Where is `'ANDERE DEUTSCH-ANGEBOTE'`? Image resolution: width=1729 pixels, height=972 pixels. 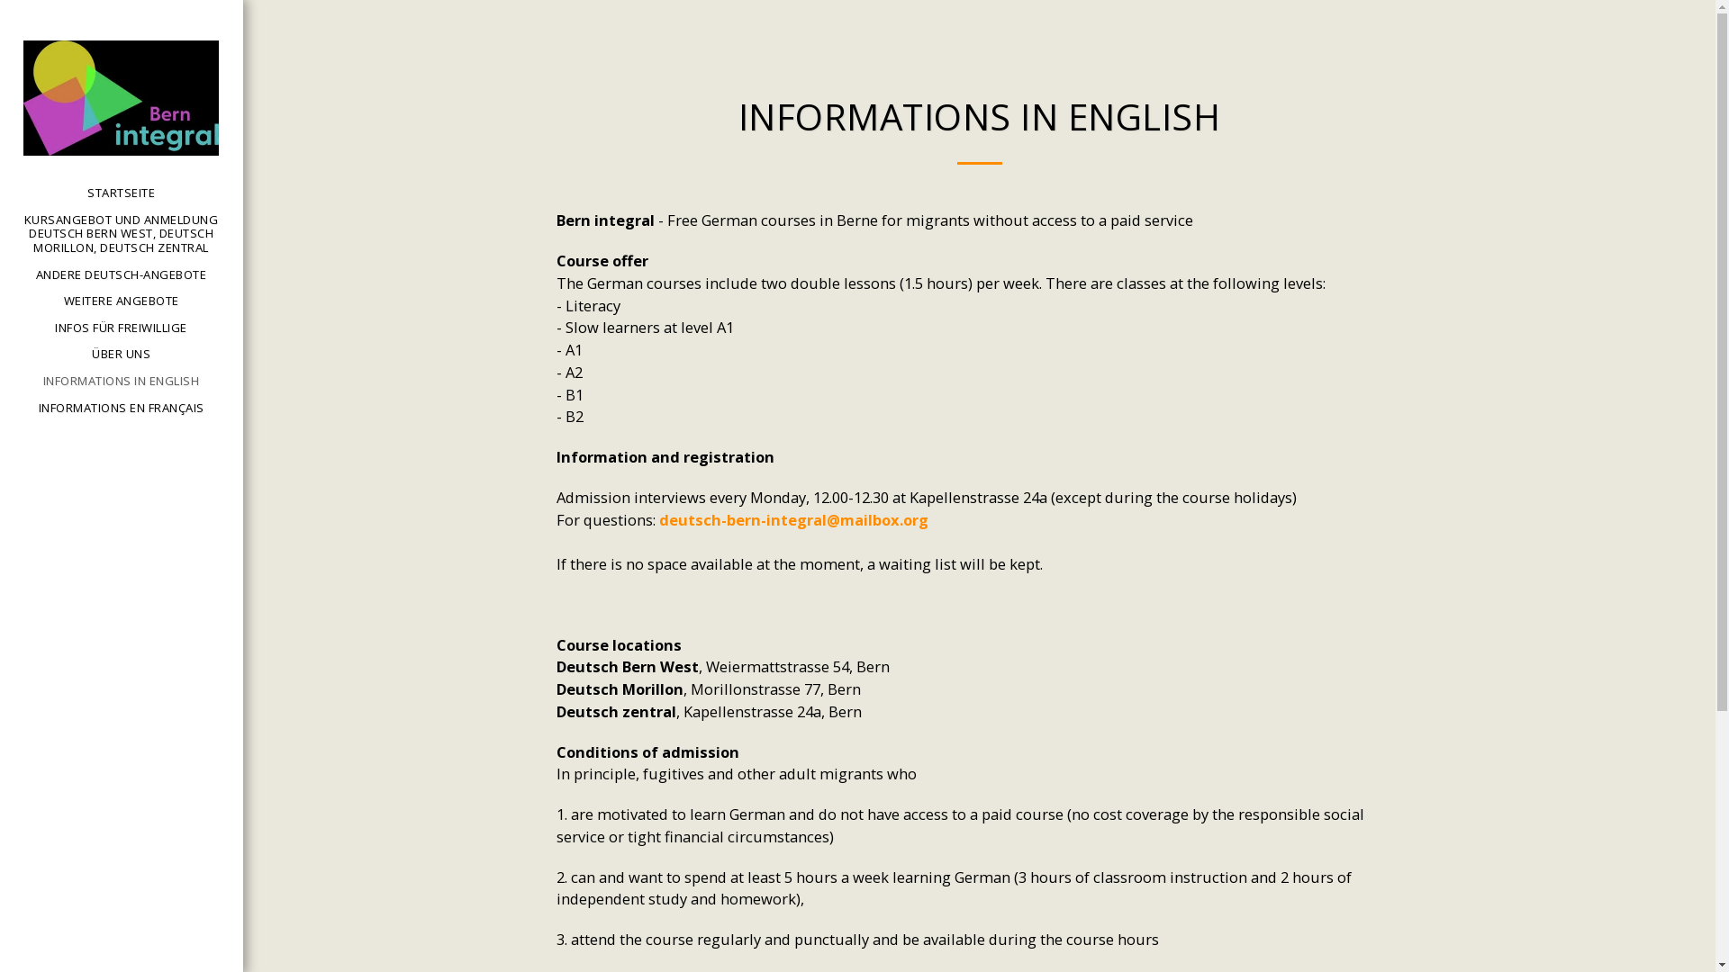
'ANDERE DEUTSCH-ANGEBOTE' is located at coordinates (120, 274).